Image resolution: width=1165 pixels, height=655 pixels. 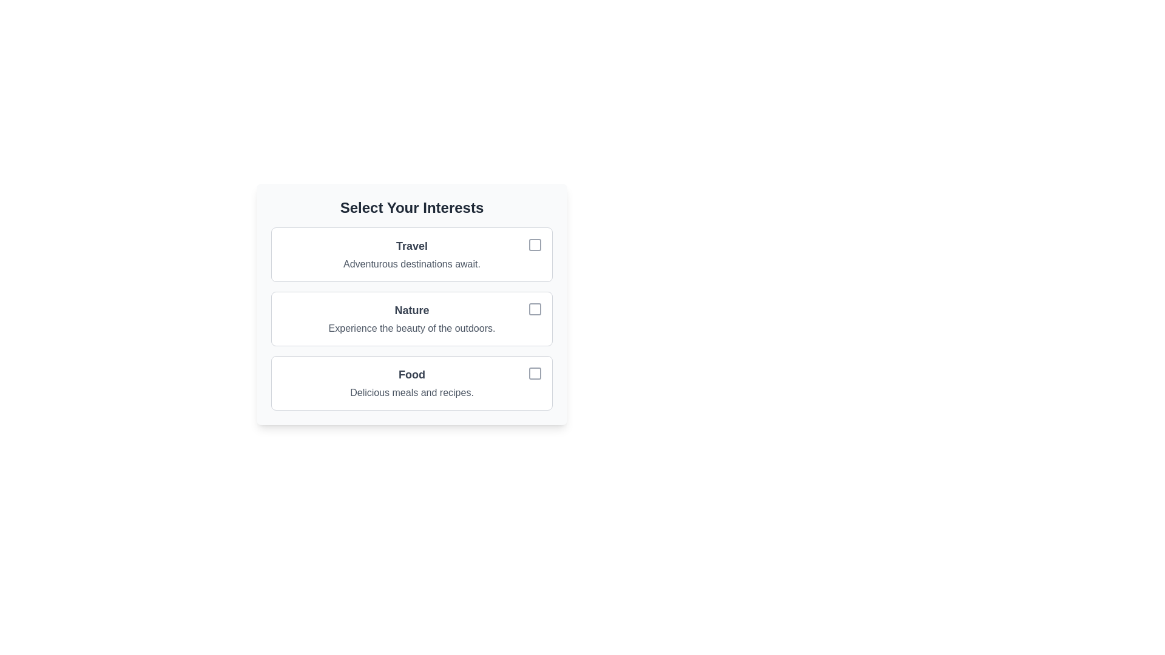 What do you see at coordinates (535, 308) in the screenshot?
I see `the small square icon with a hollow interior located in the top-right corner of the 'Nature' card, adjacent to the bold 'Nature' title` at bounding box center [535, 308].